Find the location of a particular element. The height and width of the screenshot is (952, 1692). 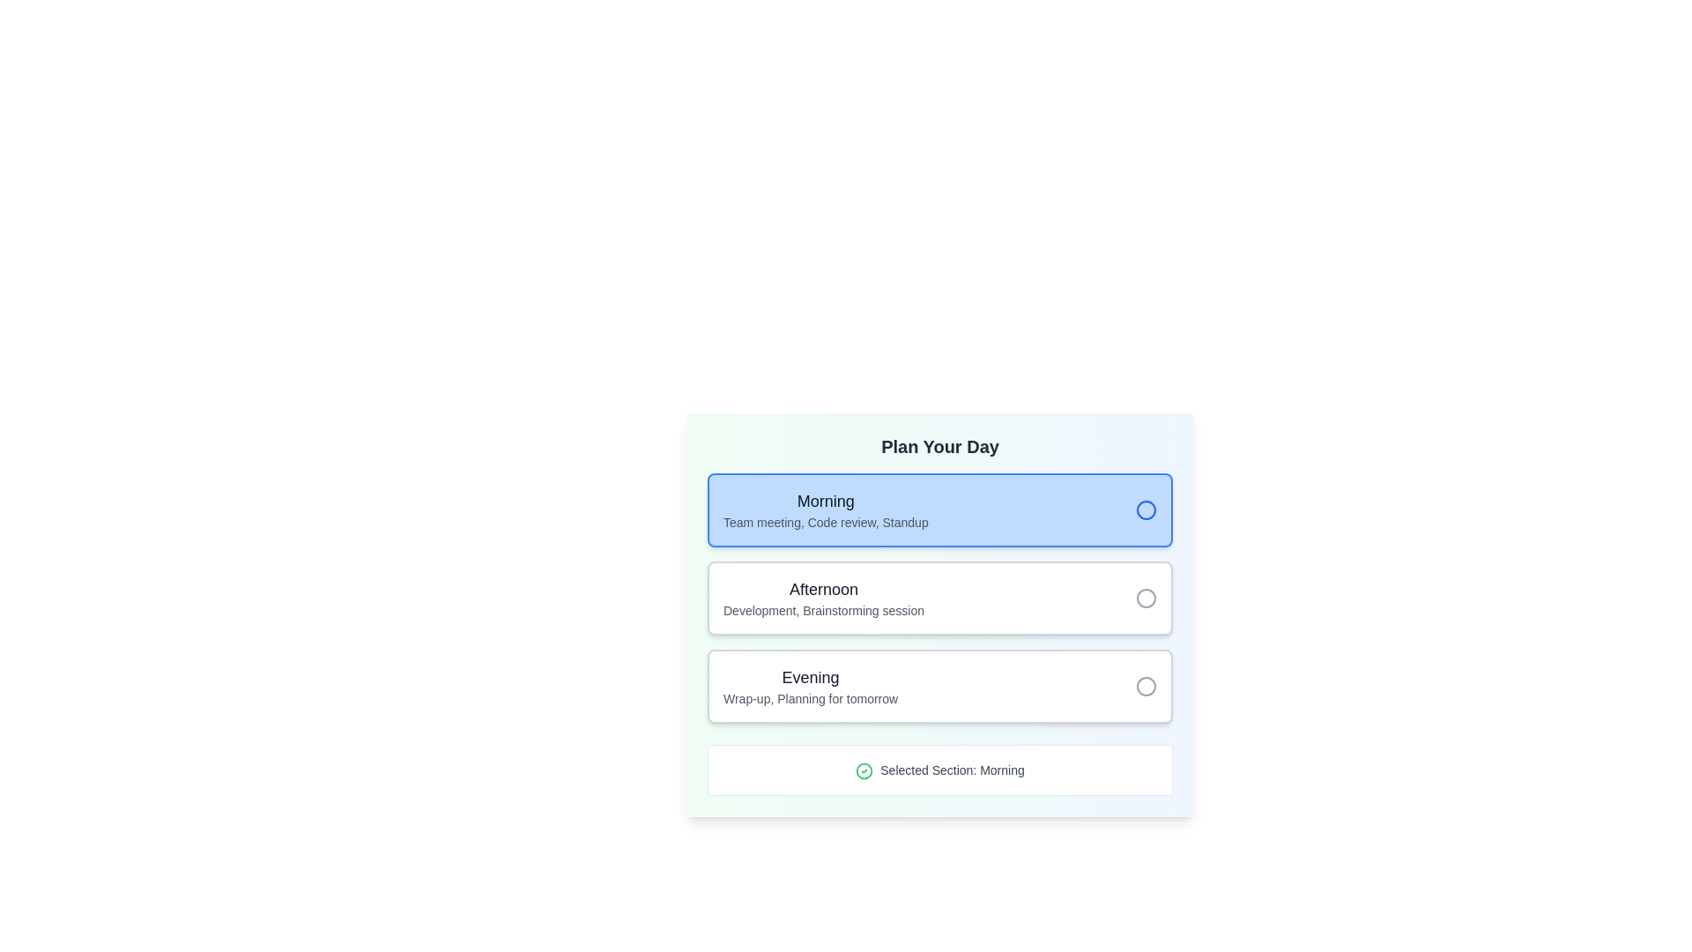

to select the 'Evening' planning section, which is the third item in a vertically aligned list, featuring larger text 'Evening' and smaller text 'Wrap-up, Planning for tomorrow', located towards the center of the application interface is located at coordinates (810, 686).